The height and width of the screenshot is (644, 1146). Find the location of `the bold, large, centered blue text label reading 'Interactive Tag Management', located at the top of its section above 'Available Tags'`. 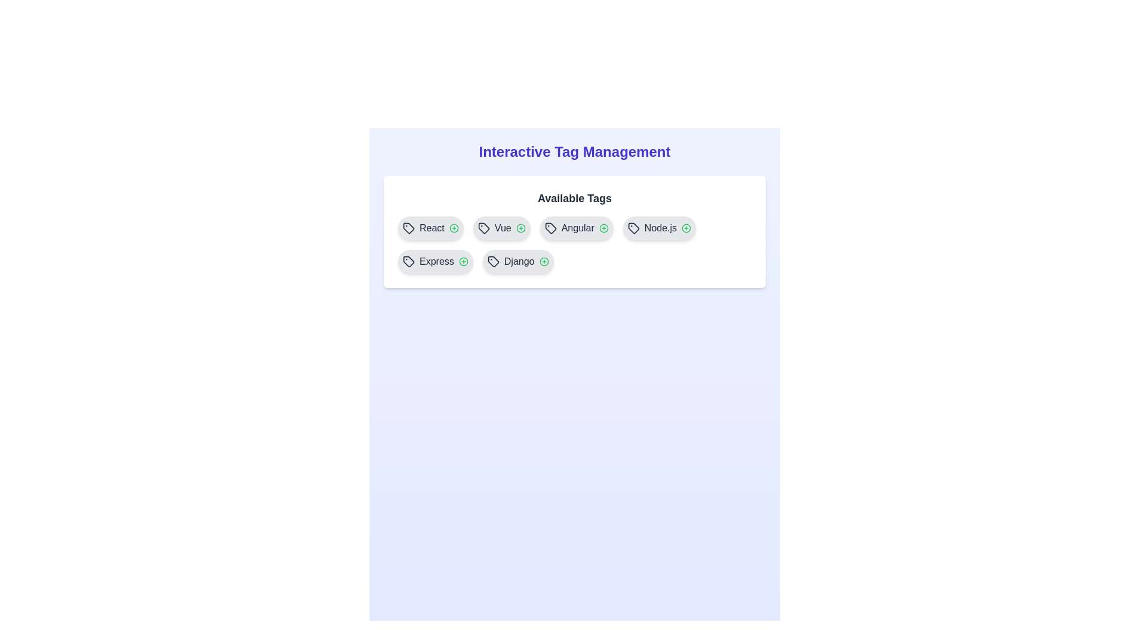

the bold, large, centered blue text label reading 'Interactive Tag Management', located at the top of its section above 'Available Tags' is located at coordinates (575, 151).